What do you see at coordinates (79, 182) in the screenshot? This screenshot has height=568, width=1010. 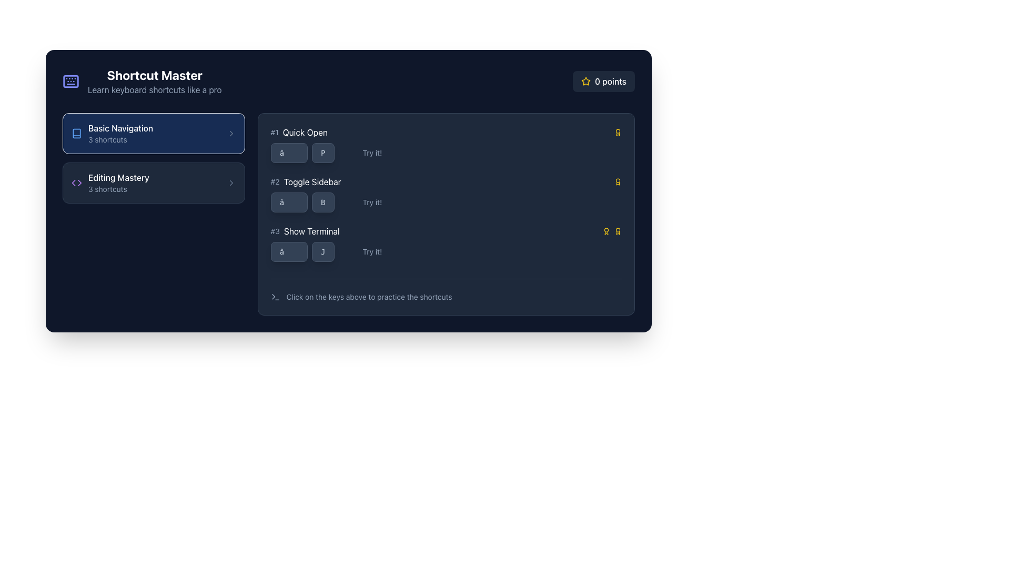 I see `the triangular arrow icon with a purple outline located near the 'Editing Mastery' section in the side menu` at bounding box center [79, 182].